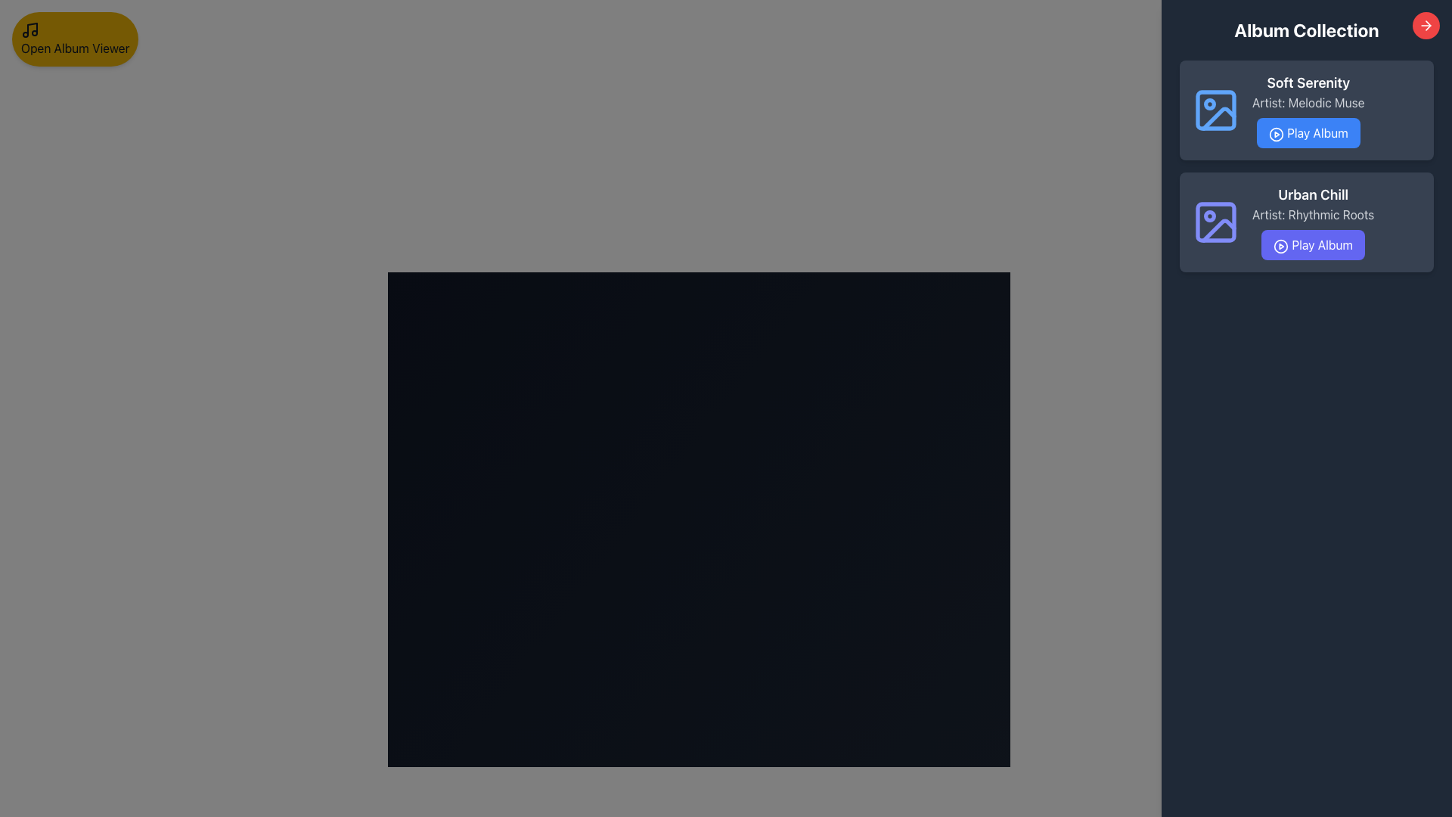 The height and width of the screenshot is (817, 1452). I want to click on the circular button located at the top-right of the Album Collection panel to observe its hover effect, so click(1426, 26).